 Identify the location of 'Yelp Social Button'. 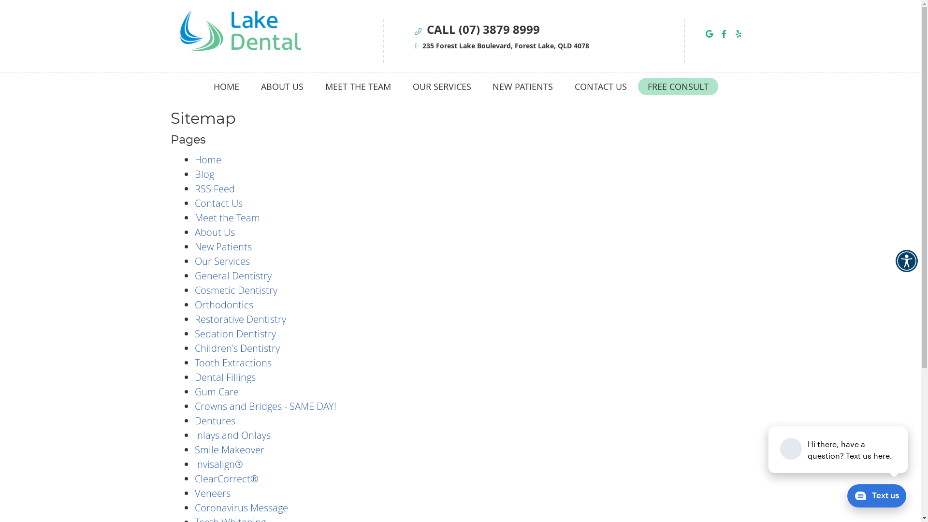
(738, 33).